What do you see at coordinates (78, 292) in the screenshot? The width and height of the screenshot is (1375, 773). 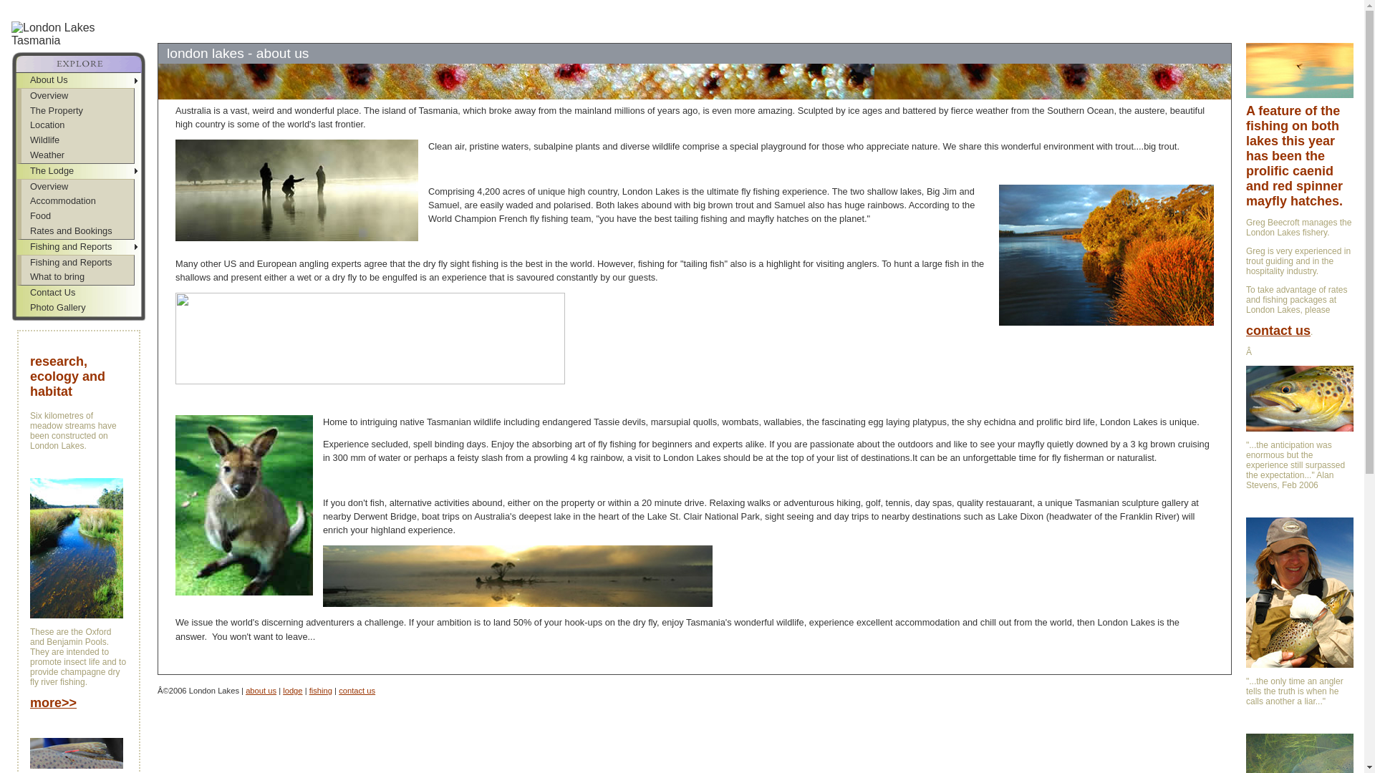 I see `'Contact Us'` at bounding box center [78, 292].